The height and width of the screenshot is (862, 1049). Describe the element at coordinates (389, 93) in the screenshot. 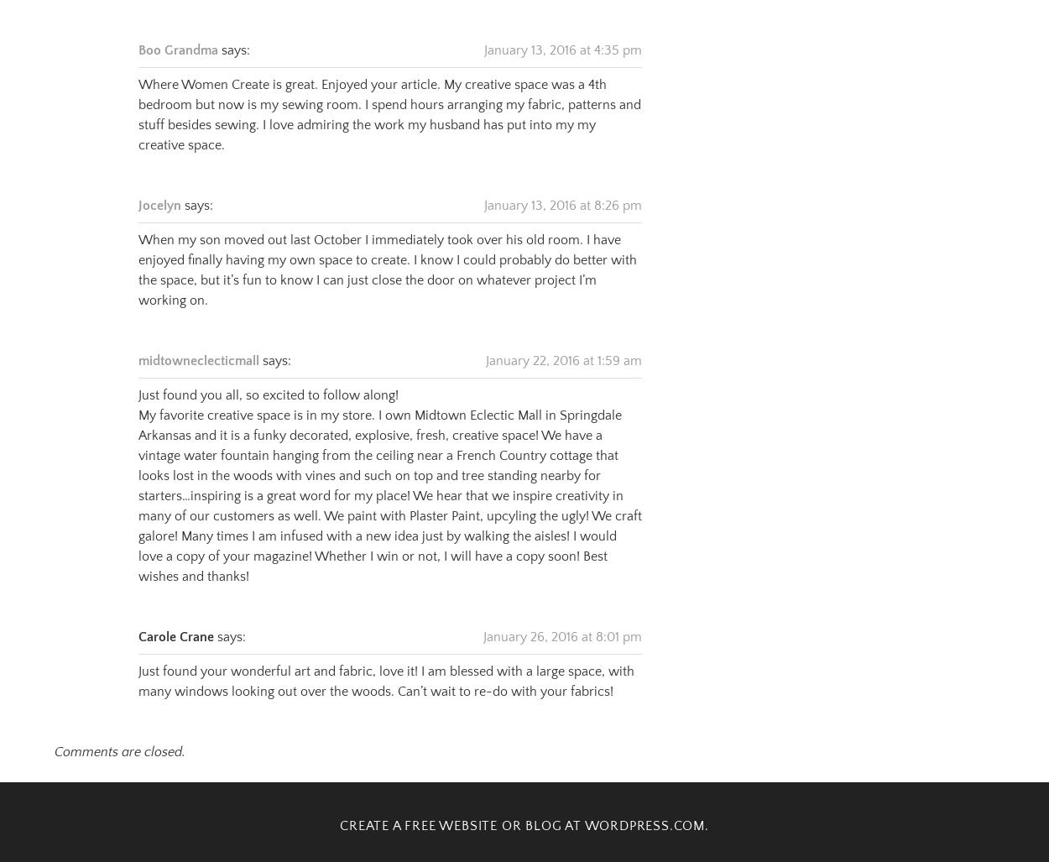

I see `'Where Women Create is great.  Enjoyed your article.  My creative space was a 4th bedroom but now is my sewing room.  I spend hours arranging my fabric, patterns and stuff besides sewing.  I love admiring the work my husband has put into my my creative space.'` at that location.